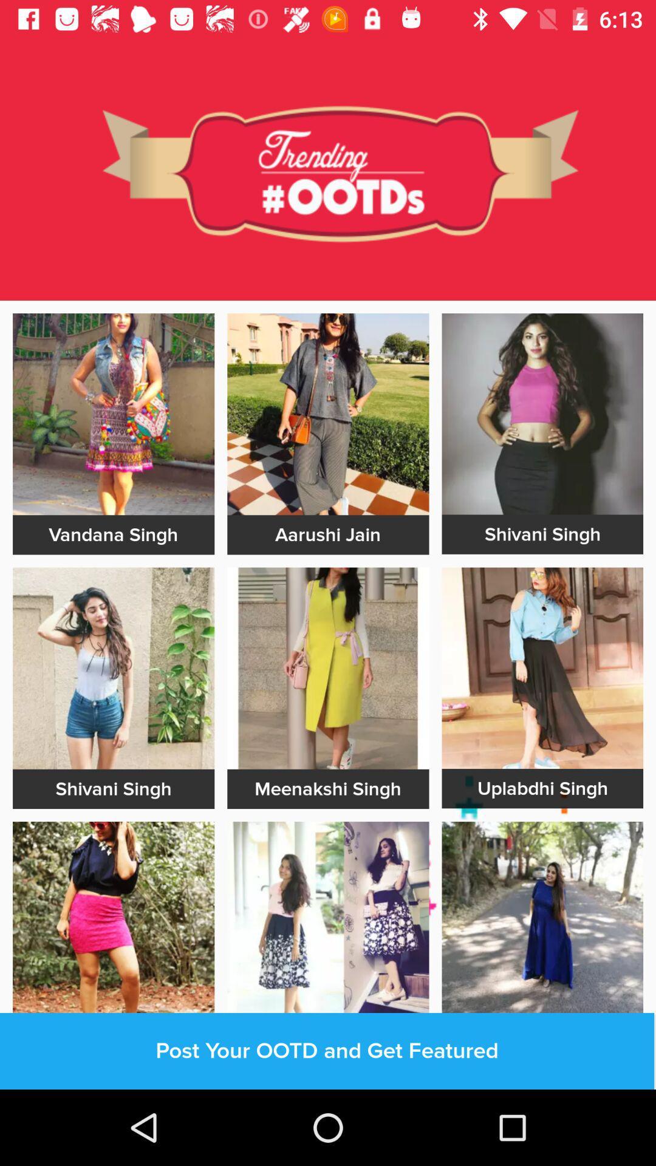  Describe the element at coordinates (114, 667) in the screenshot. I see `imaage` at that location.